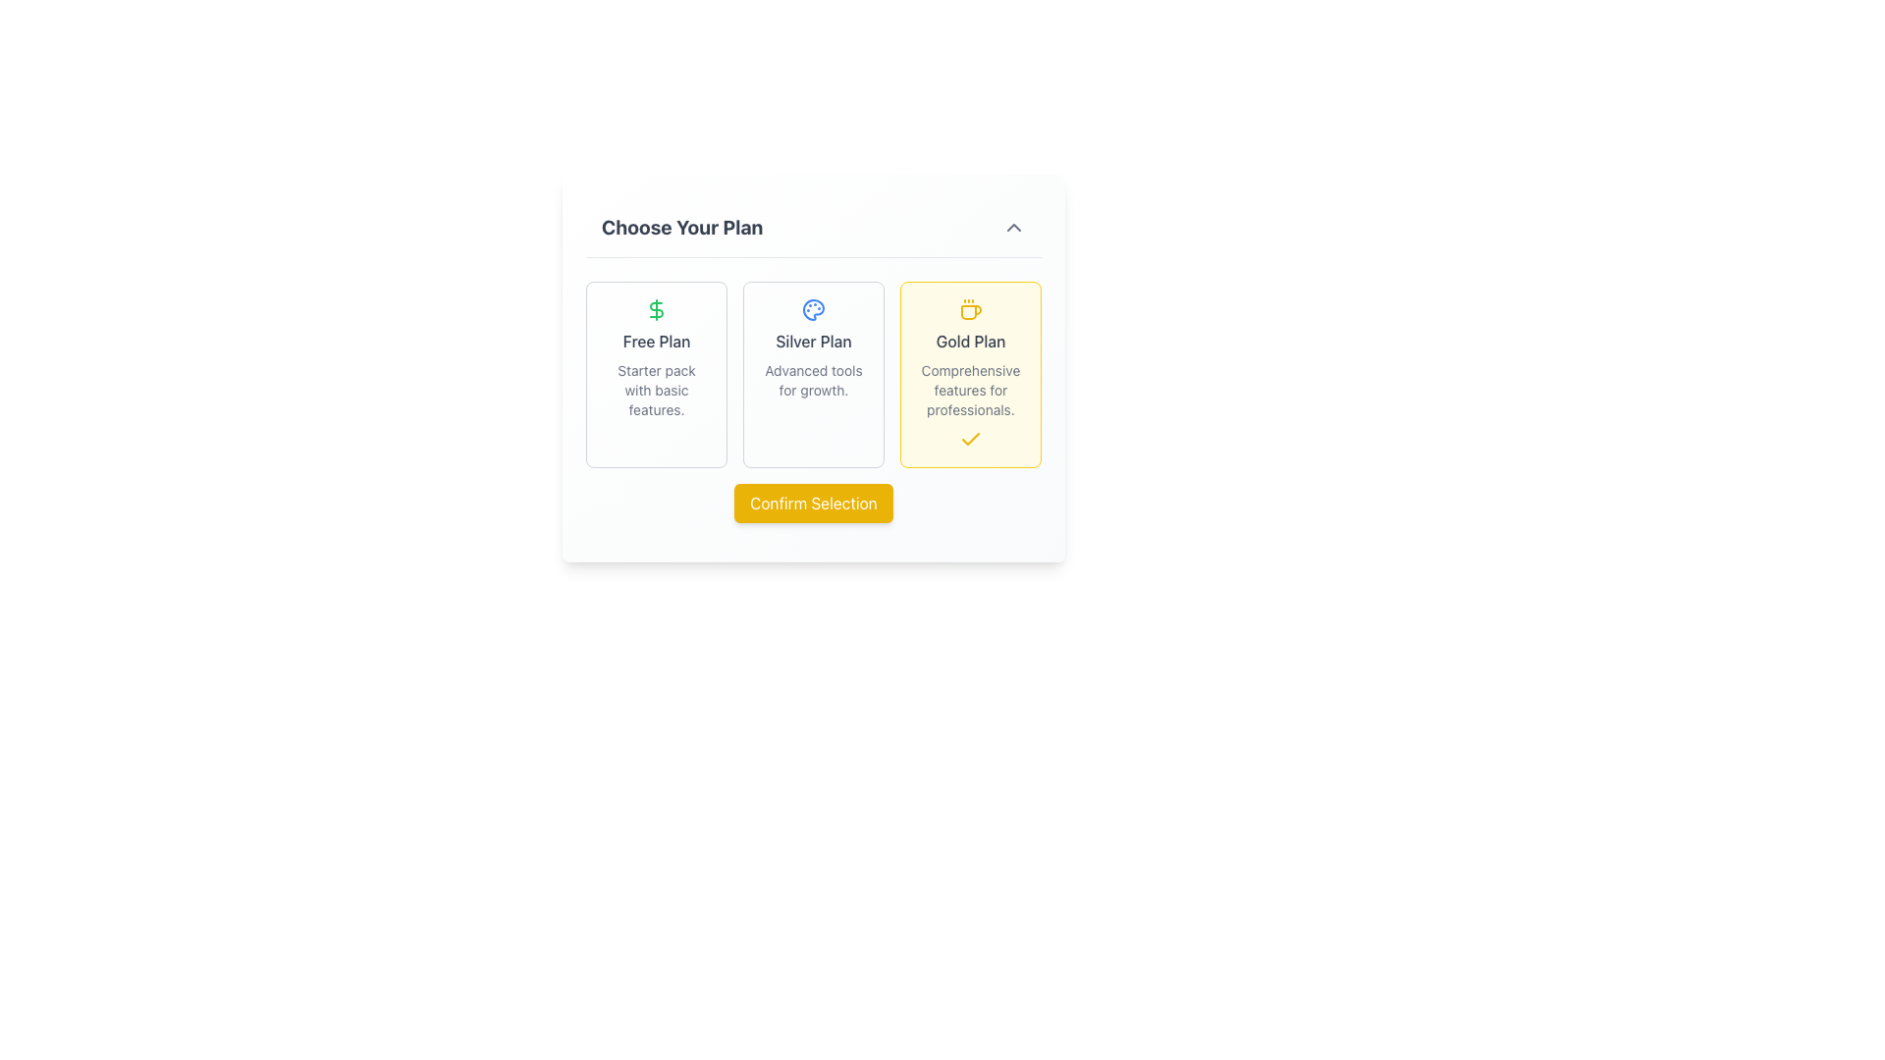 The height and width of the screenshot is (1060, 1885). I want to click on the 'Silver Plan' card, so click(814, 374).